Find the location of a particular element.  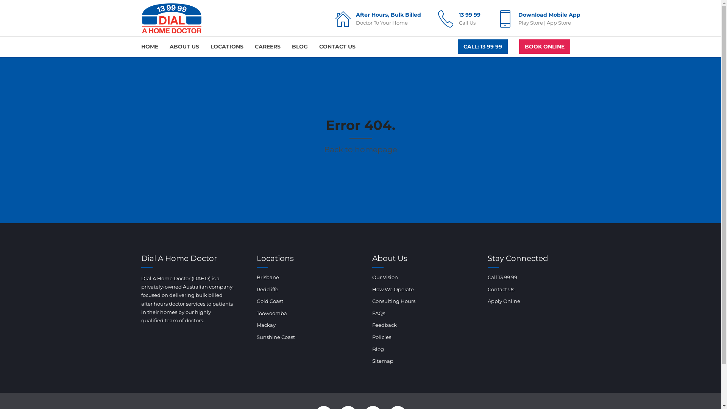

'FAQs' is located at coordinates (378, 313).